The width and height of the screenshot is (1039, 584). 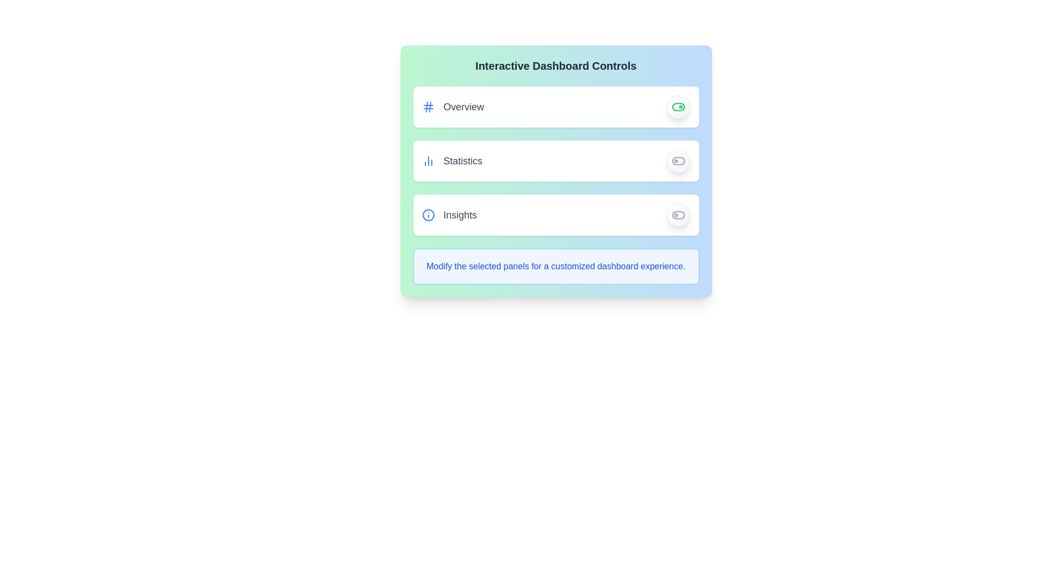 I want to click on the blue bar chart icon located in the 'Statistics' section, which is the leftmost icon in that section, so click(x=428, y=161).